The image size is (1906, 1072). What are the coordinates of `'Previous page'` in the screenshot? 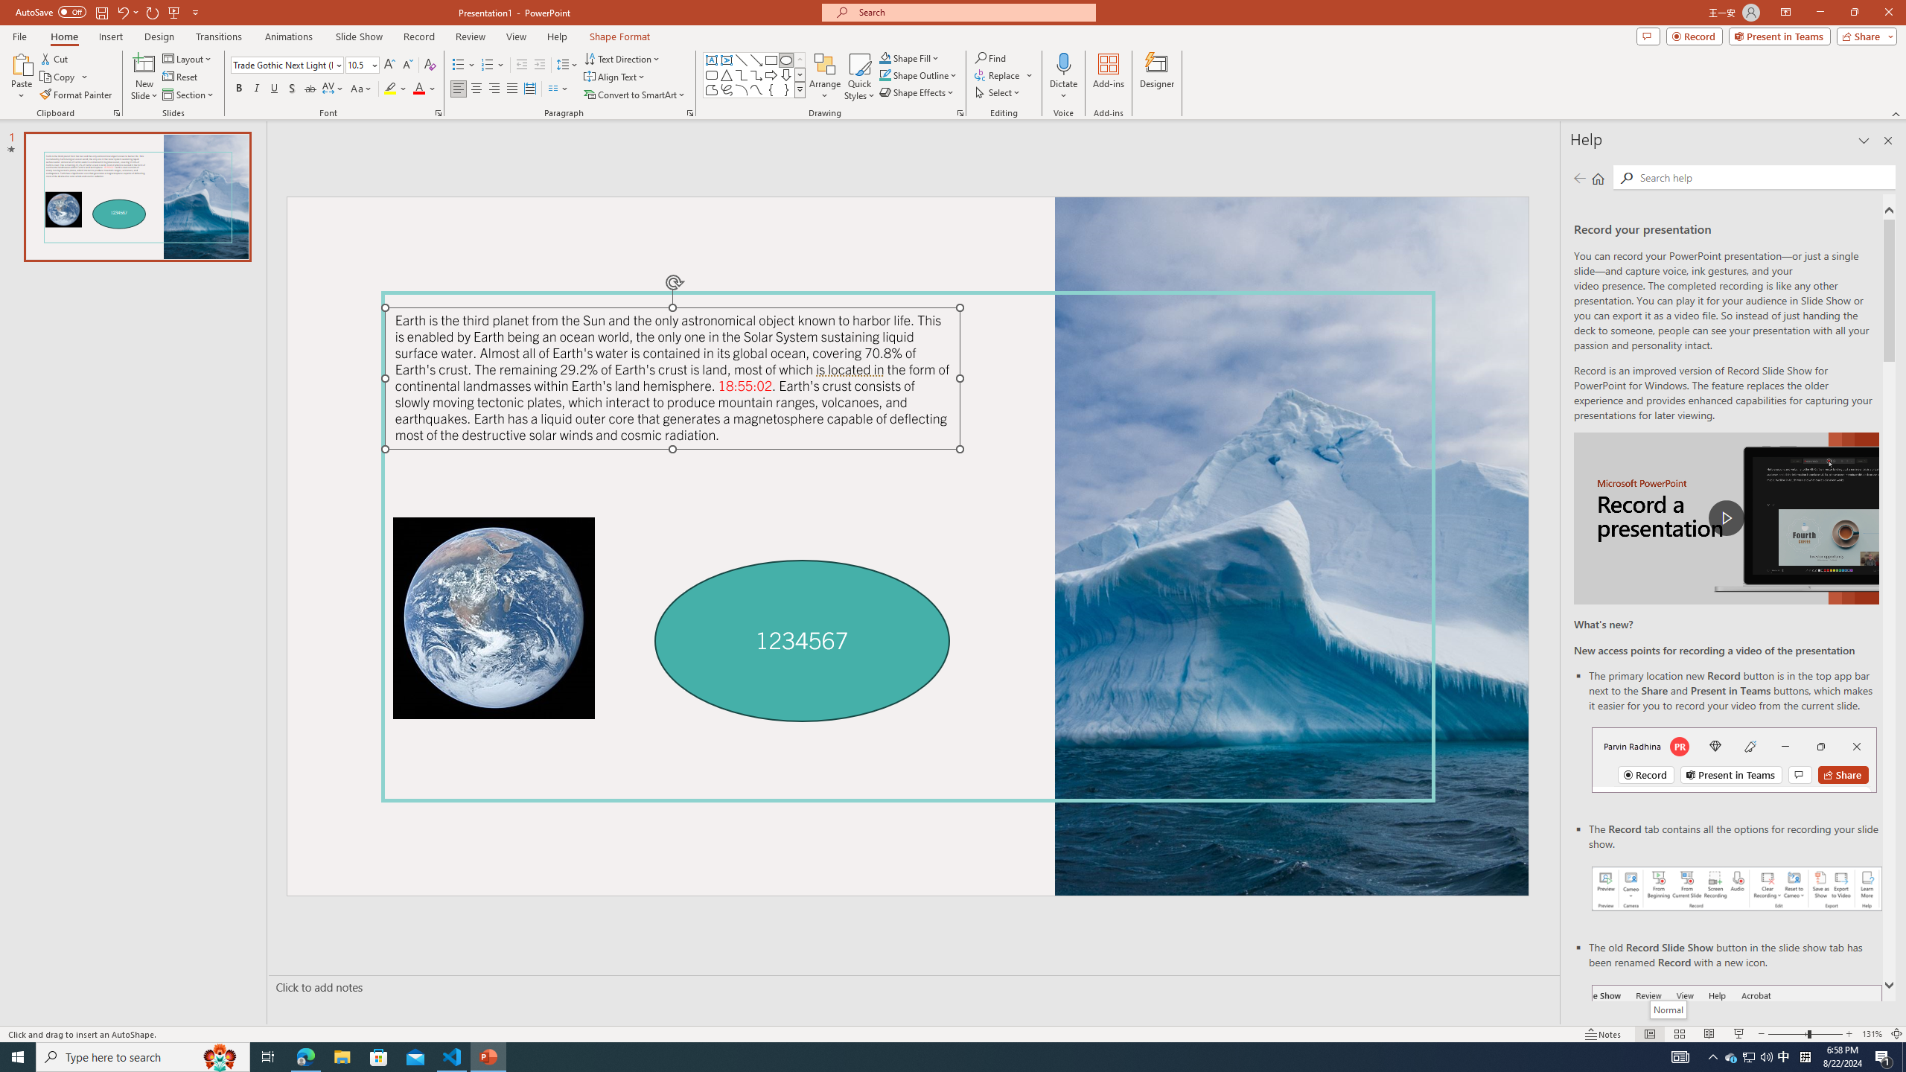 It's located at (1579, 177).